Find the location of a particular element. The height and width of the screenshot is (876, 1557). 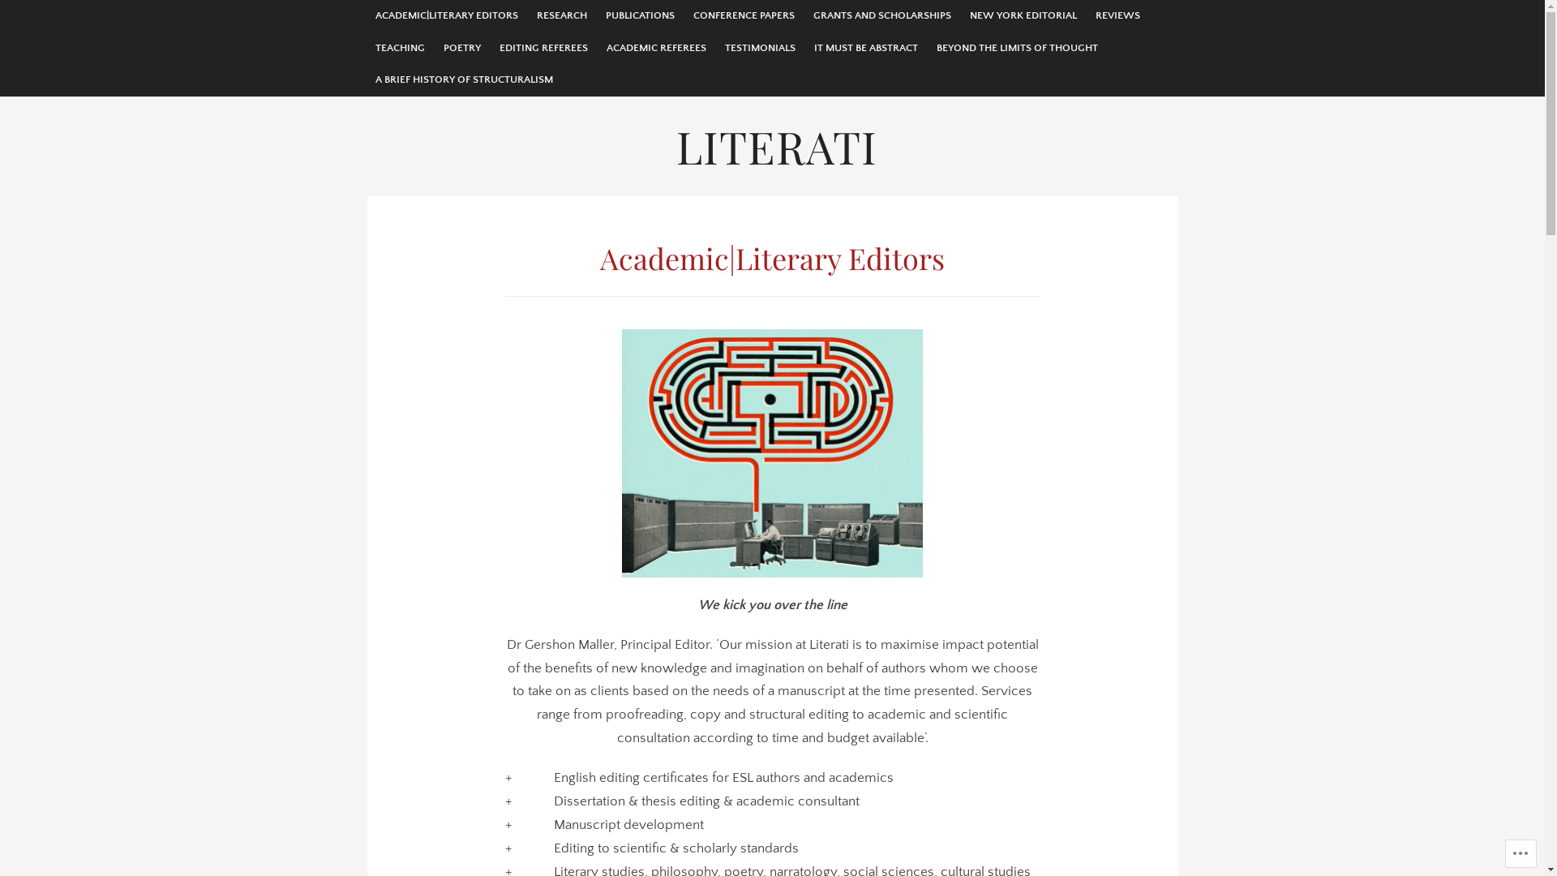

'NEW YORK EDITORIAL' is located at coordinates (969, 15).